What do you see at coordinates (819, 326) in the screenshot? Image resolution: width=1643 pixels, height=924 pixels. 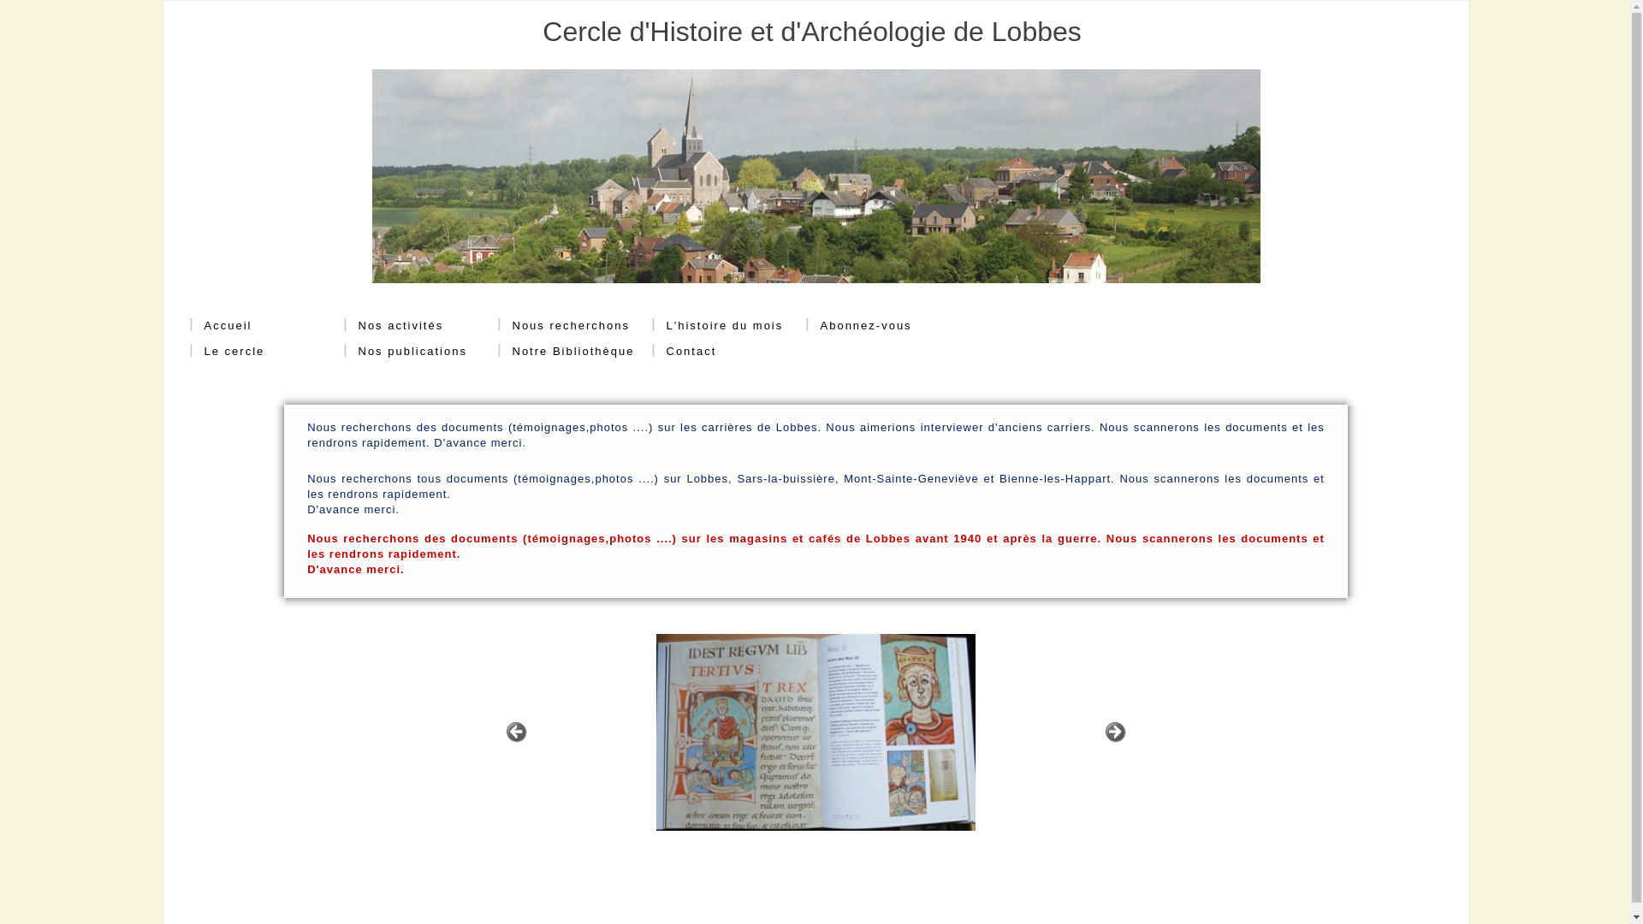 I see `'Abonnez-vous'` at bounding box center [819, 326].